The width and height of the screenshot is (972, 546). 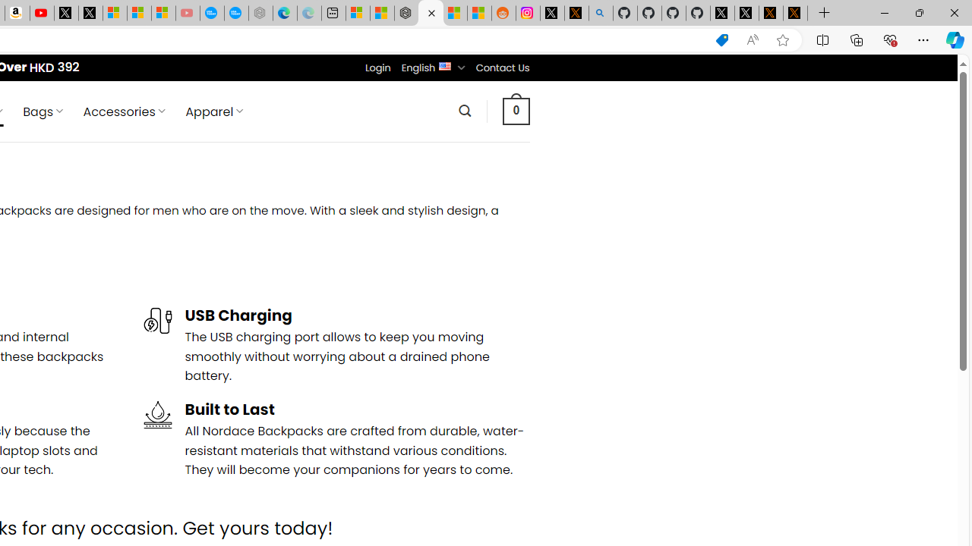 What do you see at coordinates (430, 13) in the screenshot?
I see `'Nordace - Men'` at bounding box center [430, 13].